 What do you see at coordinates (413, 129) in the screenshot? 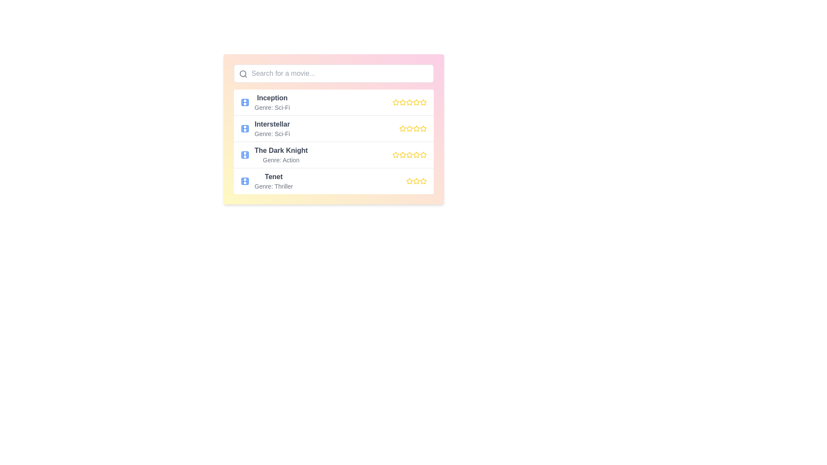
I see `the star rating component for the movie 'Interstellar' to provide a rating` at bounding box center [413, 129].